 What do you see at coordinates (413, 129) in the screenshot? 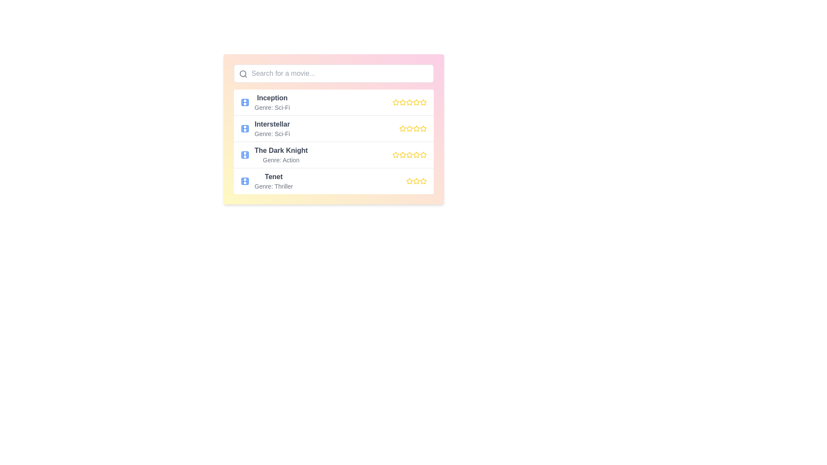
I see `the star rating component for the movie 'Interstellar' to provide a rating` at bounding box center [413, 129].